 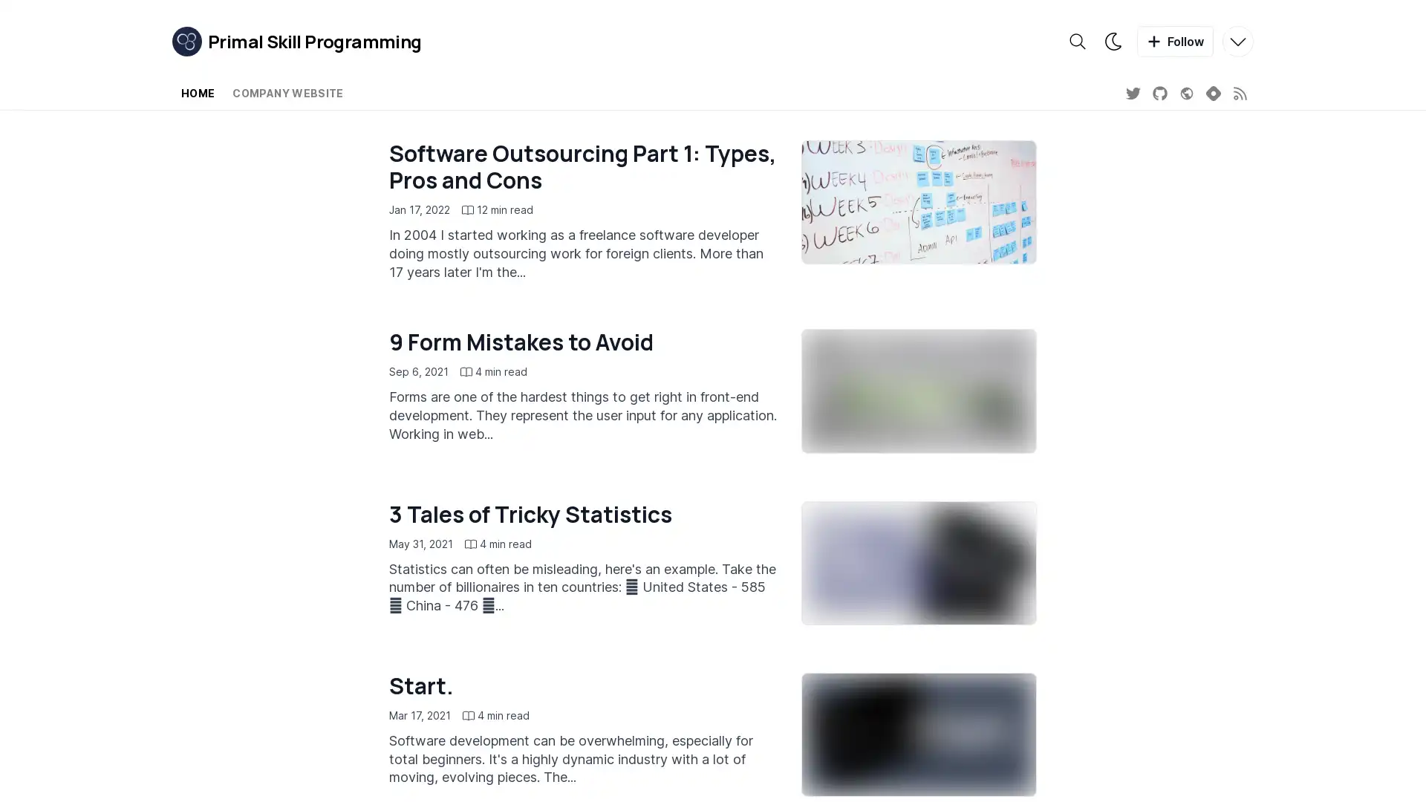 I want to click on Theme switcher, so click(x=1113, y=41).